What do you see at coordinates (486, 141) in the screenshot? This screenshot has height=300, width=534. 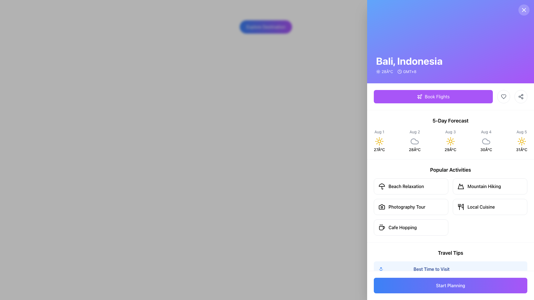 I see `the cloudiness icon representing the weather forecast for August 4, which is located beneath the 'Aug 4' label and above the '30°C' temperature label` at bounding box center [486, 141].